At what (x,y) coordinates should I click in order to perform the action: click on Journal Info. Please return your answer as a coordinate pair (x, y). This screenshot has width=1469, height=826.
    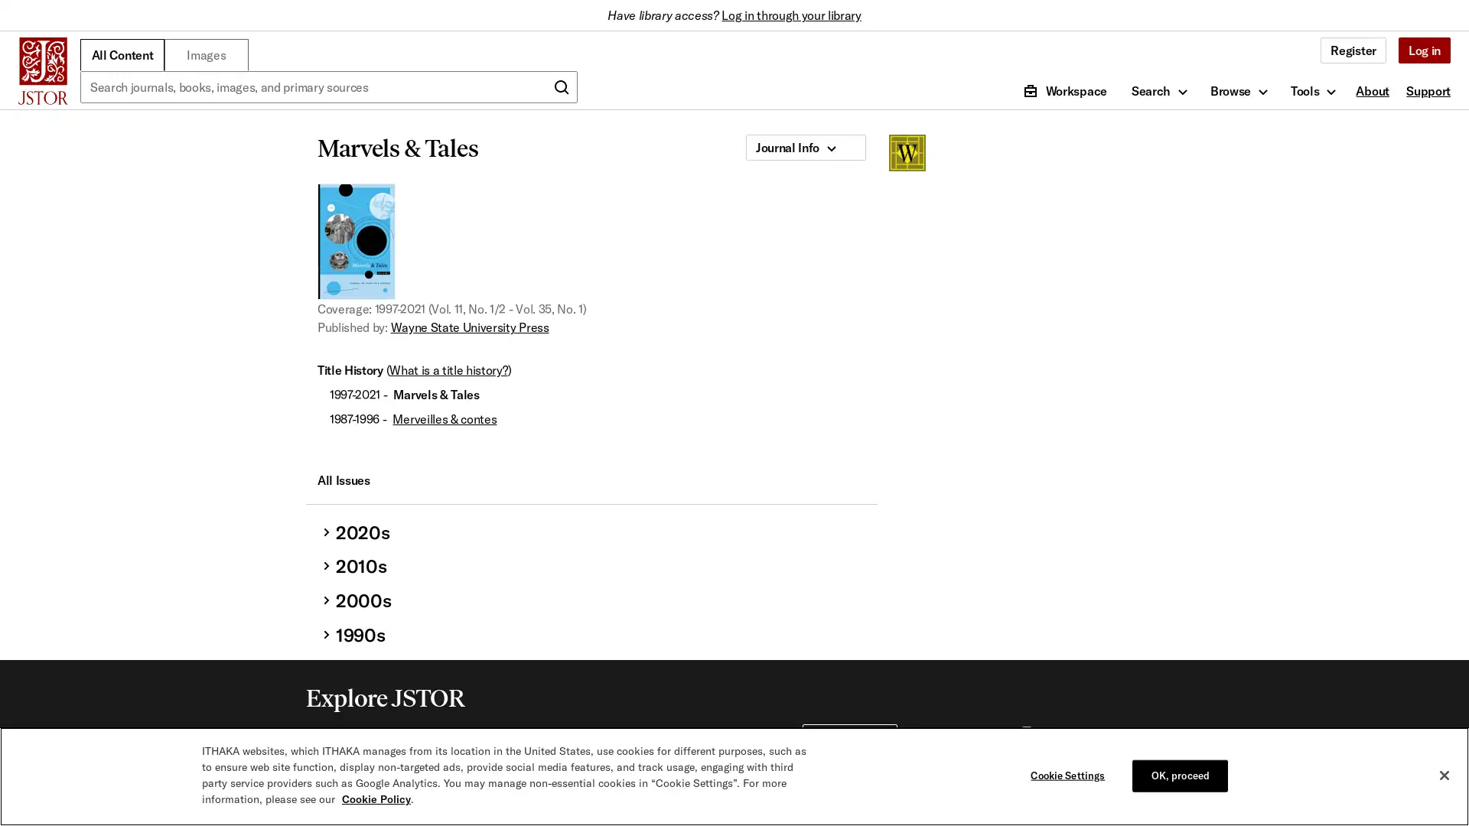
    Looking at the image, I should click on (804, 147).